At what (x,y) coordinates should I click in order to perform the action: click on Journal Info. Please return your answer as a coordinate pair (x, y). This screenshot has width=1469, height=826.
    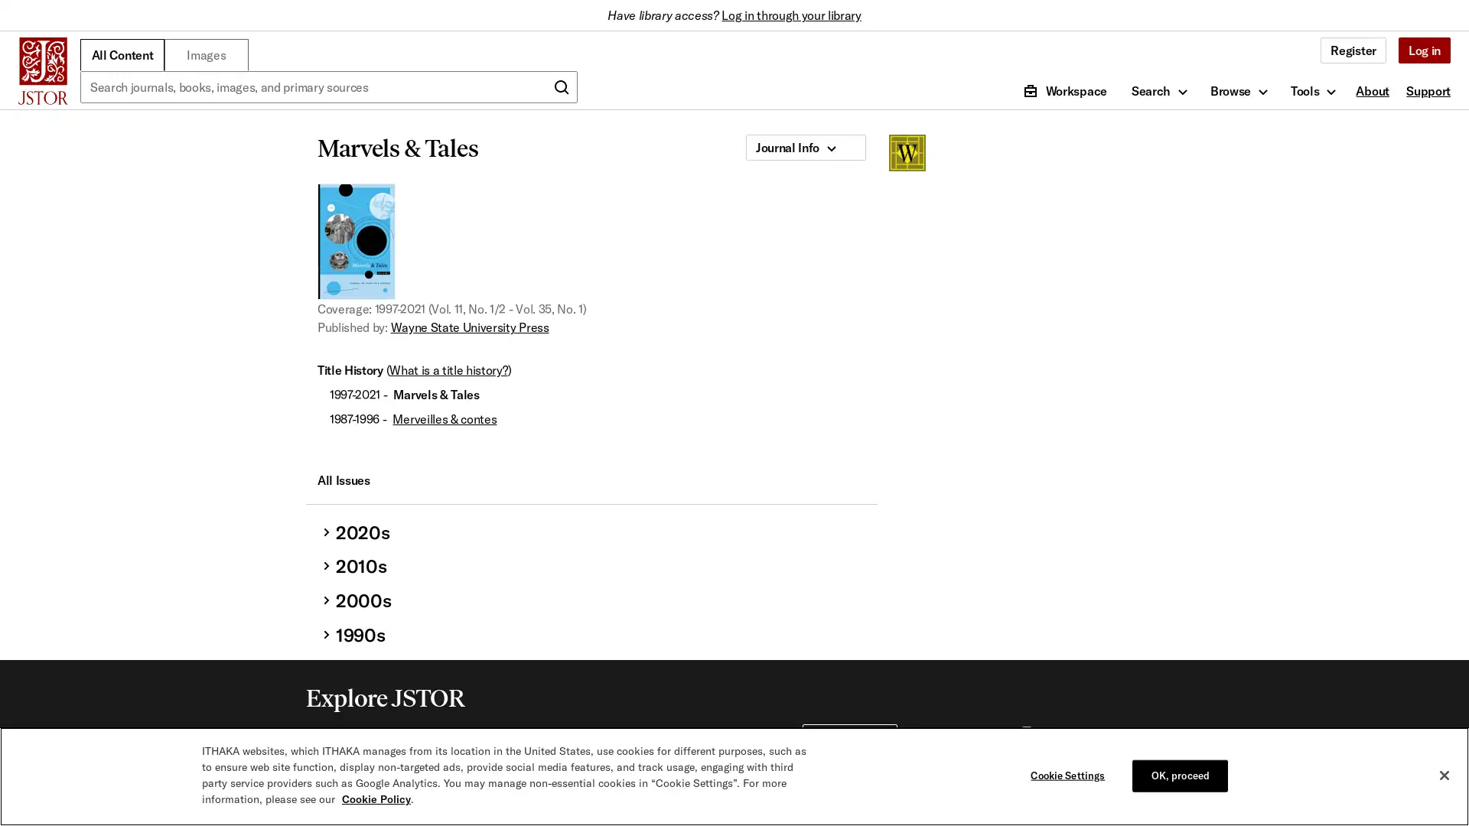
    Looking at the image, I should click on (804, 147).